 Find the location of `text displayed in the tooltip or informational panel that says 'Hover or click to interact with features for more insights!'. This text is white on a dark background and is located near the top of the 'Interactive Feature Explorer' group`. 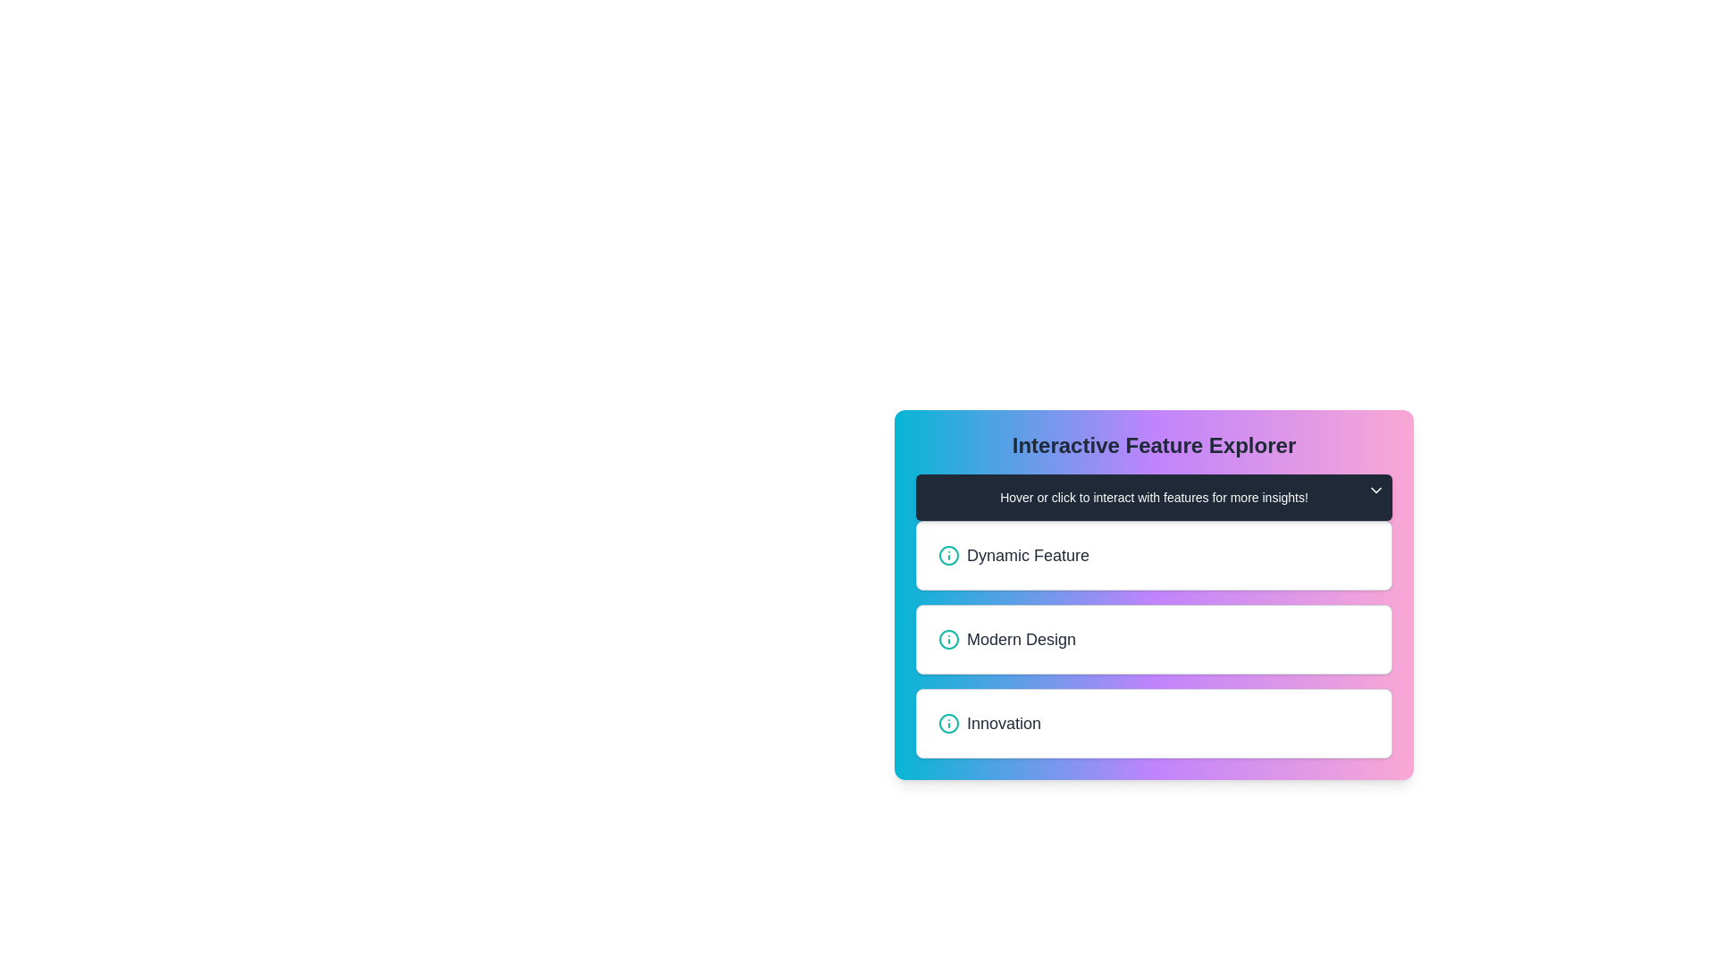

text displayed in the tooltip or informational panel that says 'Hover or click to interact with features for more insights!'. This text is white on a dark background and is located near the top of the 'Interactive Feature Explorer' group is located at coordinates (1154, 497).